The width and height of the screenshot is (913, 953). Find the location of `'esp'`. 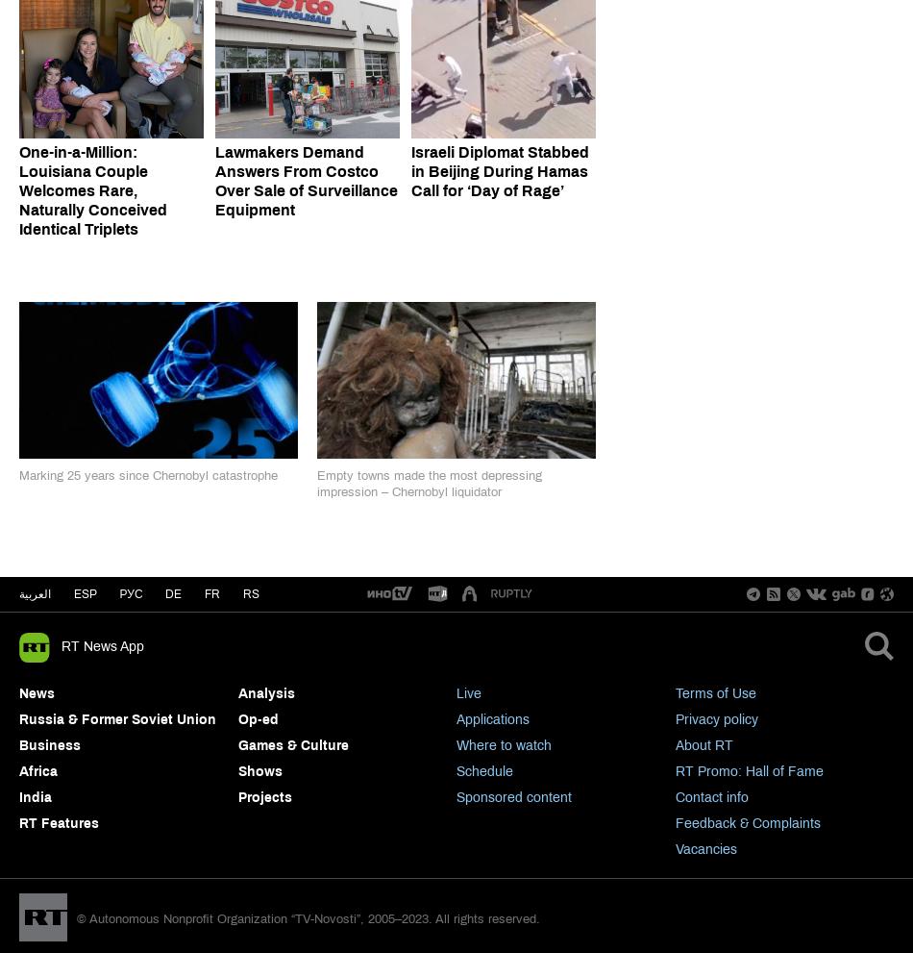

'esp' is located at coordinates (84, 592).